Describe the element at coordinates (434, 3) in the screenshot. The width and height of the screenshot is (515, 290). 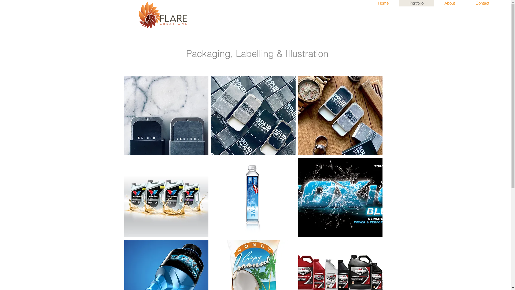
I see `'About'` at that location.